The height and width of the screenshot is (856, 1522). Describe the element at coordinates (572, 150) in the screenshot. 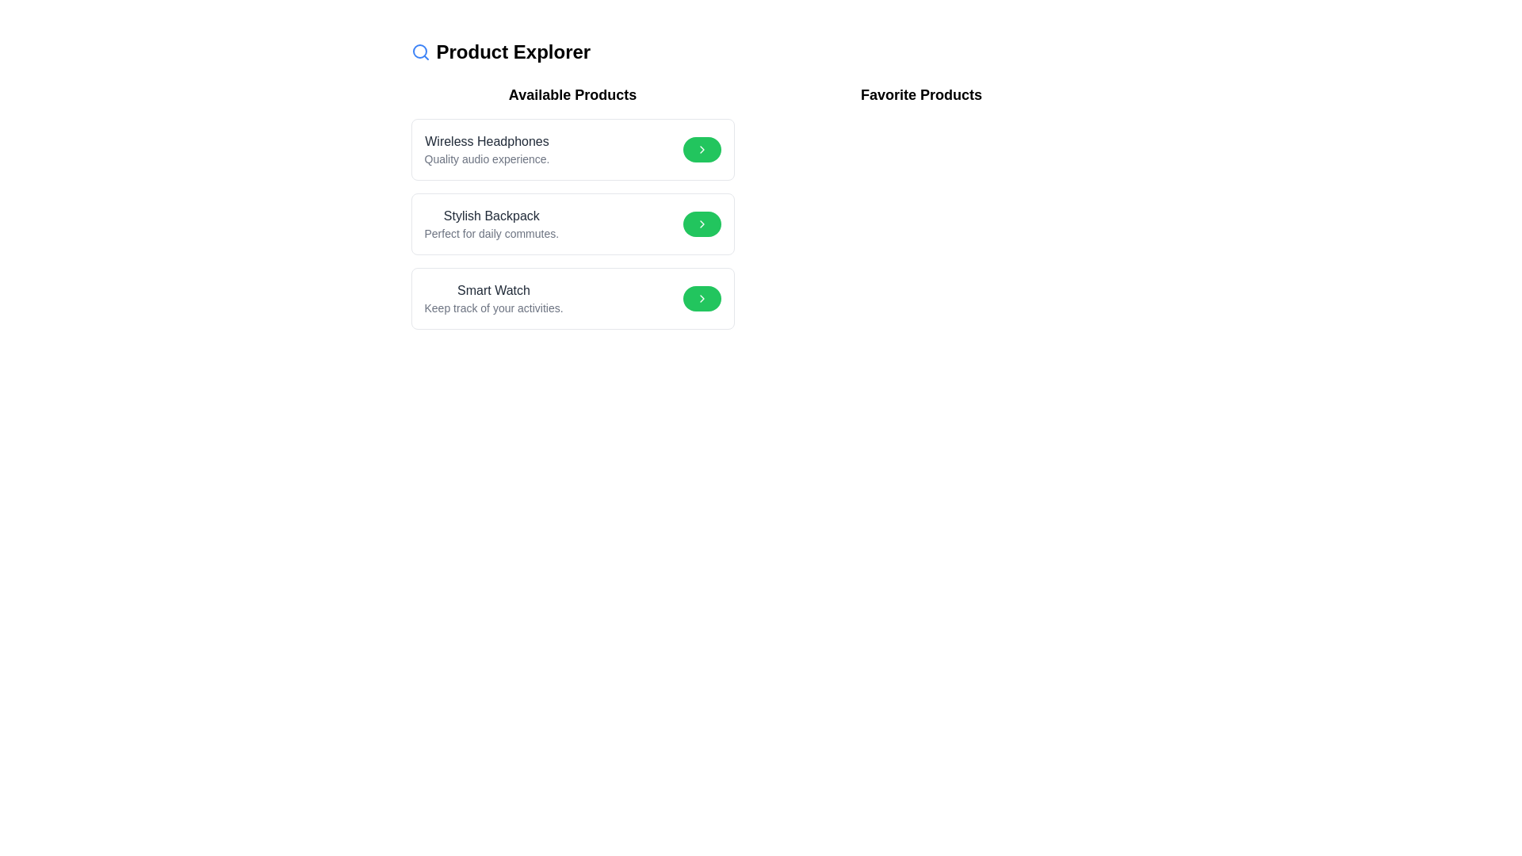

I see `the 'Wireless Headphones' card located in the 'Available Products' section` at that location.